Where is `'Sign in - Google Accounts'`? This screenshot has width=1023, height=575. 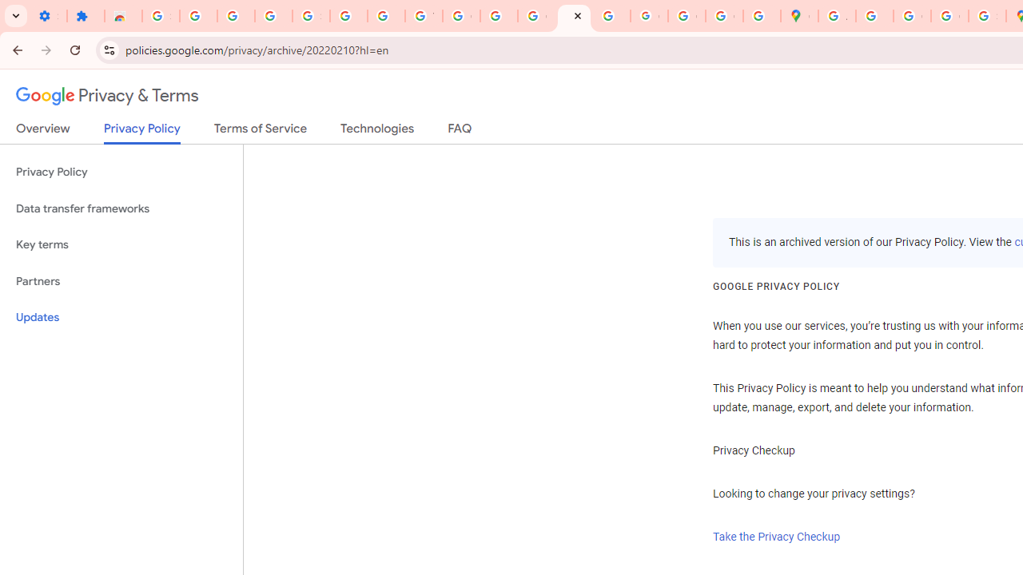 'Sign in - Google Accounts' is located at coordinates (161, 16).